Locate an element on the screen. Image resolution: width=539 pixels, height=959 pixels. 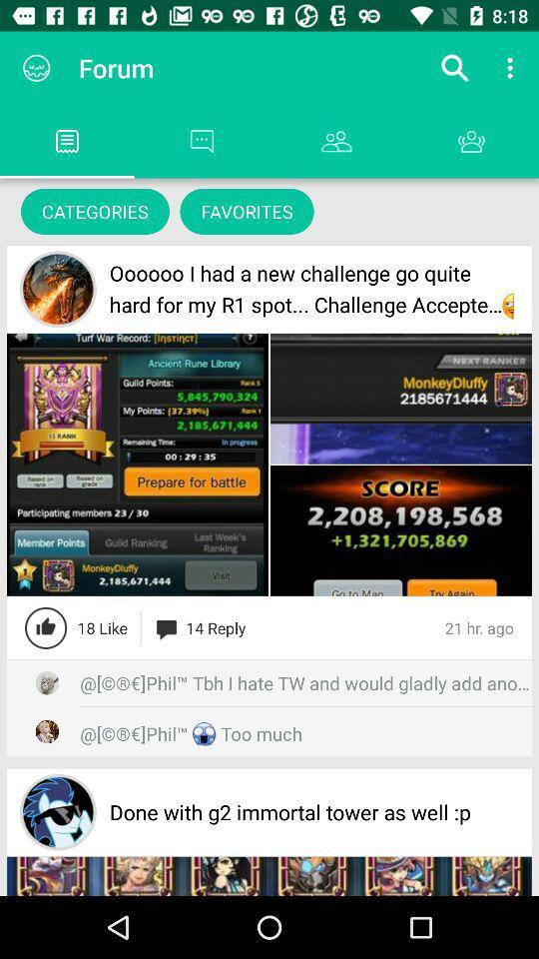
the categories item is located at coordinates (94, 211).